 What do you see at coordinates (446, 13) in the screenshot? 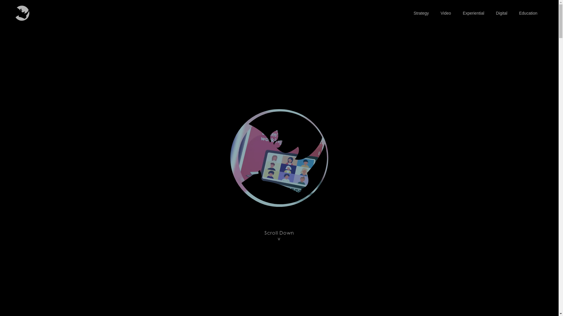
I see `'Video'` at bounding box center [446, 13].